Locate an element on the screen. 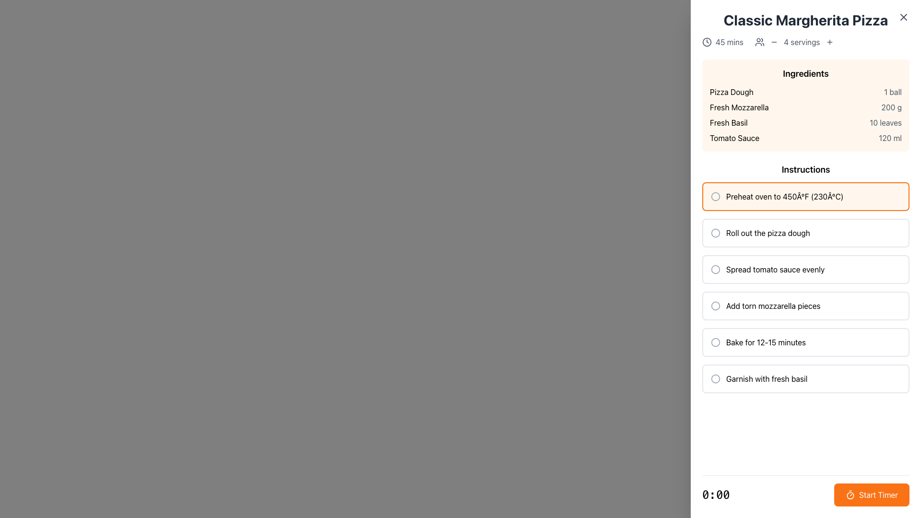  the informational text indicating the number of servings related to the dish, located below the title 'Classic Margherita Pizza' and next to the '45 mins' indicator is located at coordinates (795, 42).